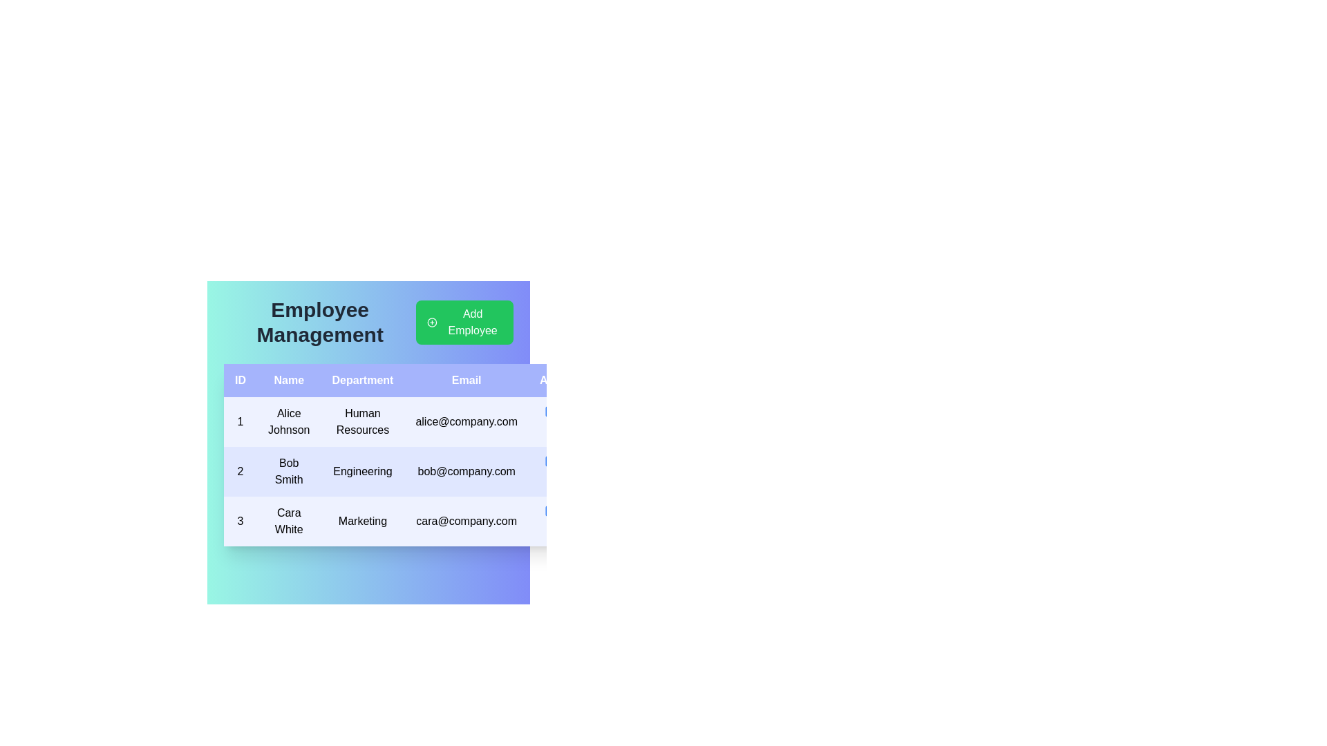 The height and width of the screenshot is (746, 1327). What do you see at coordinates (406, 470) in the screenshot?
I see `any interactive element in the second table row that contains employee details, including ID, name, department, email, and action buttons` at bounding box center [406, 470].